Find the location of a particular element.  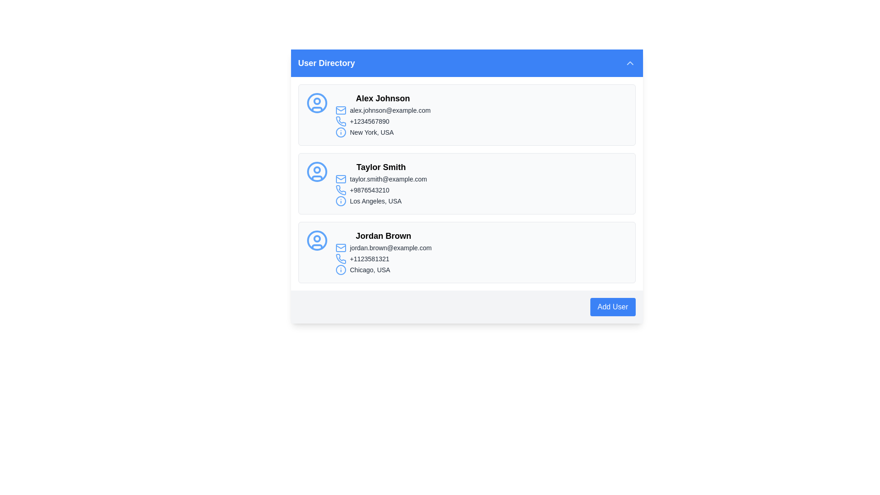

contact details from the first Contact Information Block located beneath the 'User Directory' title in the user directory interface is located at coordinates (383, 114).